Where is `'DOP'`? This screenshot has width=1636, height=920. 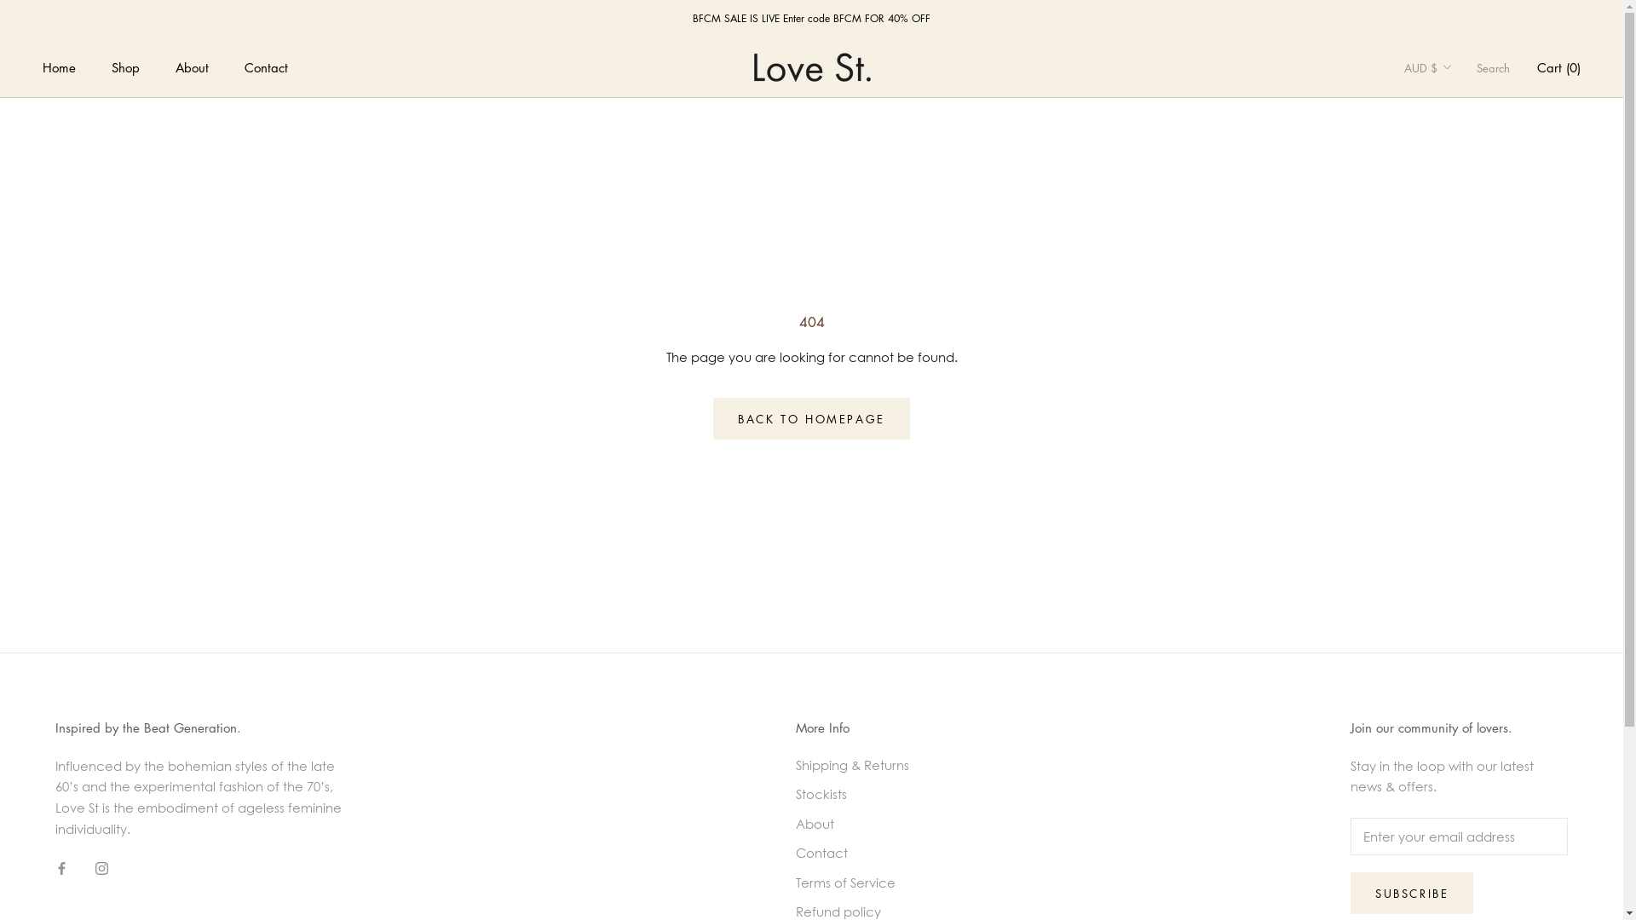
'DOP' is located at coordinates (1455, 829).